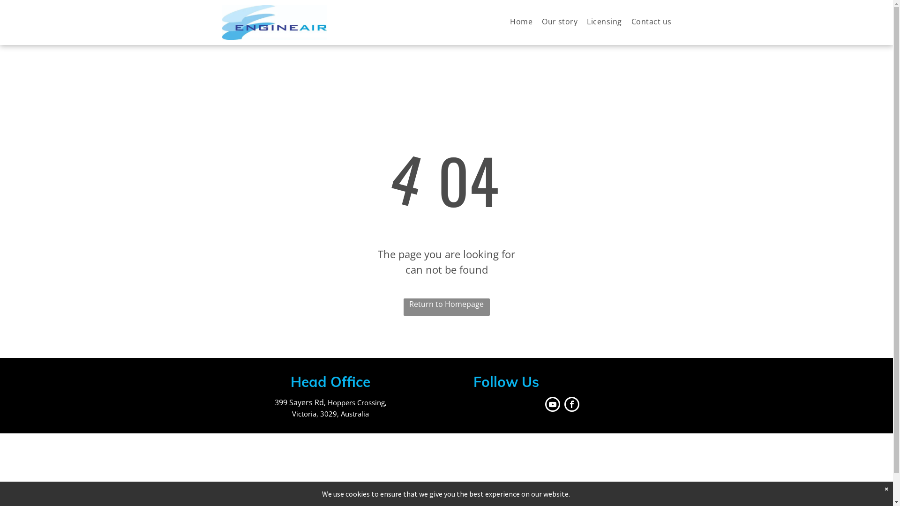  What do you see at coordinates (516, 21) in the screenshot?
I see `'Home'` at bounding box center [516, 21].